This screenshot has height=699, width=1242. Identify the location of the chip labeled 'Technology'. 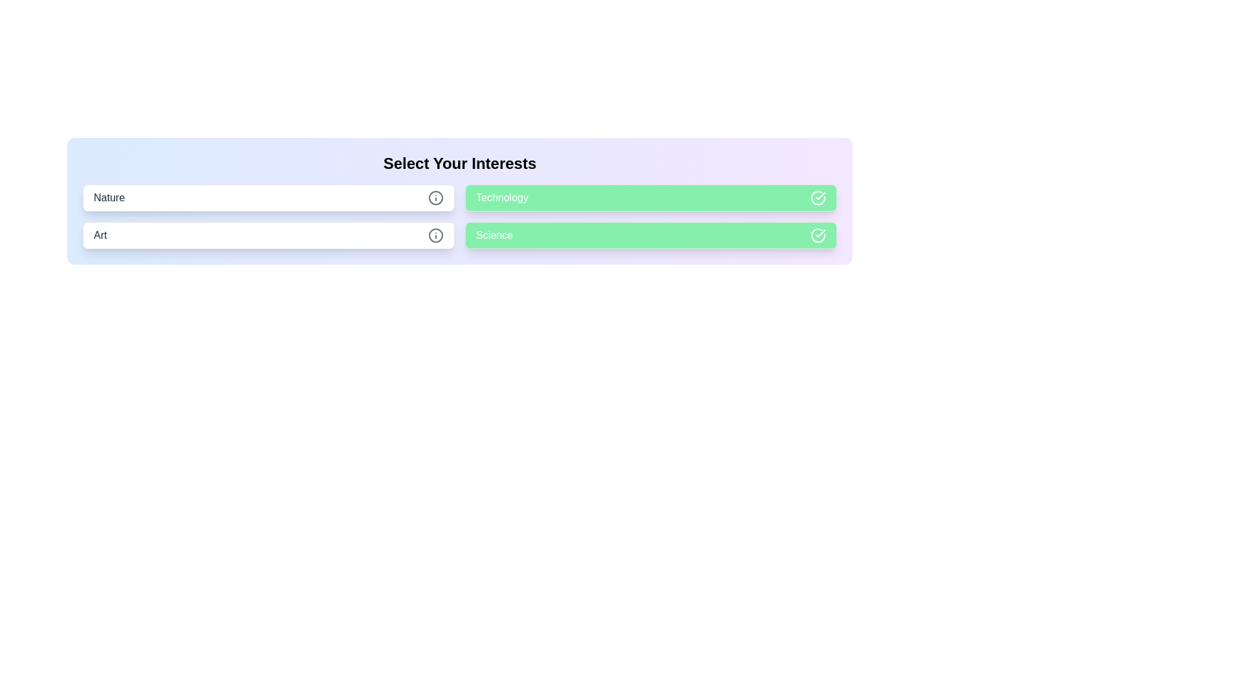
(651, 197).